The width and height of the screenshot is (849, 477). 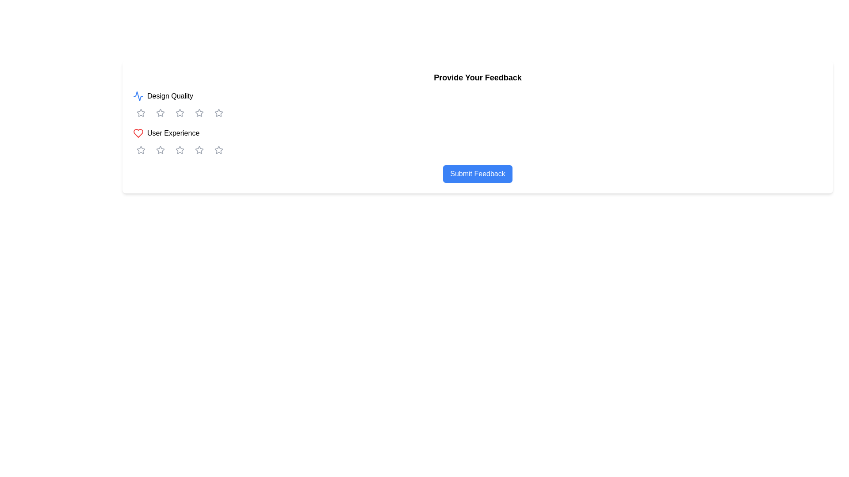 I want to click on the second star button for the 'Design Quality' rating to get focus, so click(x=161, y=112).